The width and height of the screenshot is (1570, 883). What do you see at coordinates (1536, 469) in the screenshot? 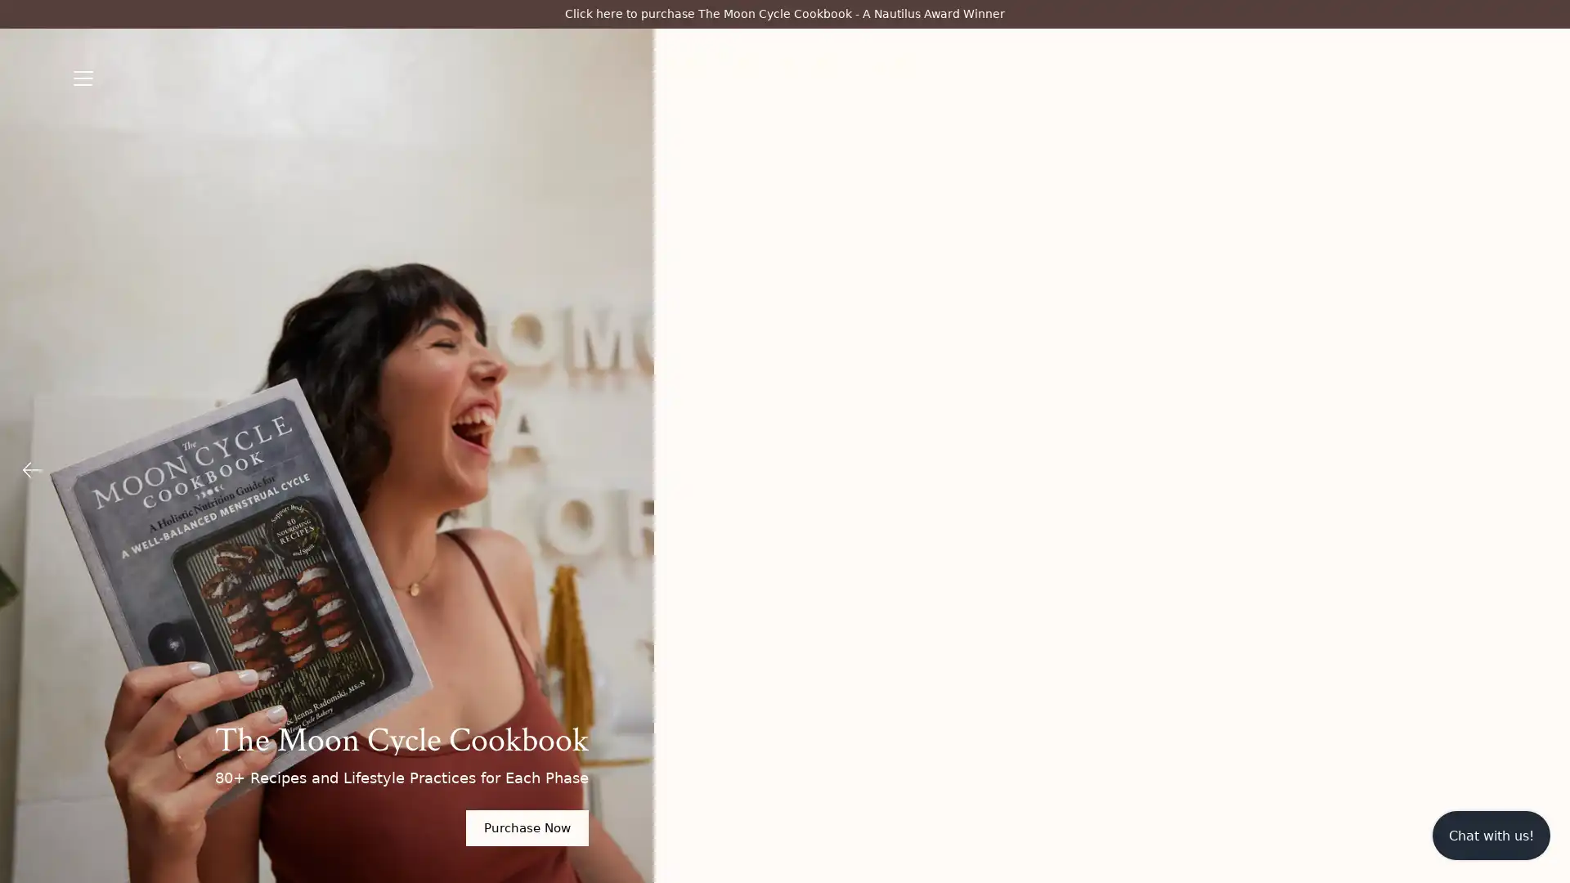
I see `Next` at bounding box center [1536, 469].